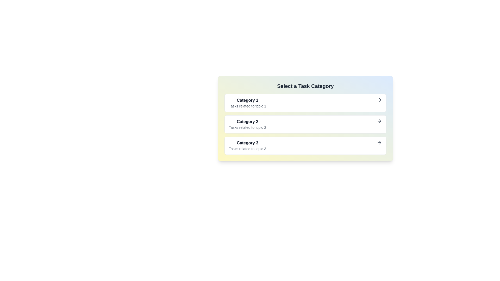 The image size is (500, 281). What do you see at coordinates (247, 127) in the screenshot?
I see `the static text label displaying 'Tasks related to topic 2', which is located below the title 'Category 2' and is the second entry in the list of categories` at bounding box center [247, 127].